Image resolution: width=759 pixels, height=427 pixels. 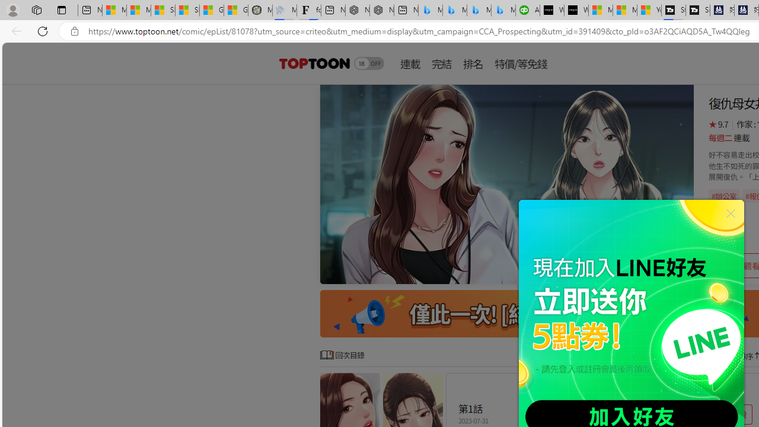 What do you see at coordinates (527, 10) in the screenshot?
I see `'Accounting Software for Accountants, CPAs and Bookkeepers'` at bounding box center [527, 10].